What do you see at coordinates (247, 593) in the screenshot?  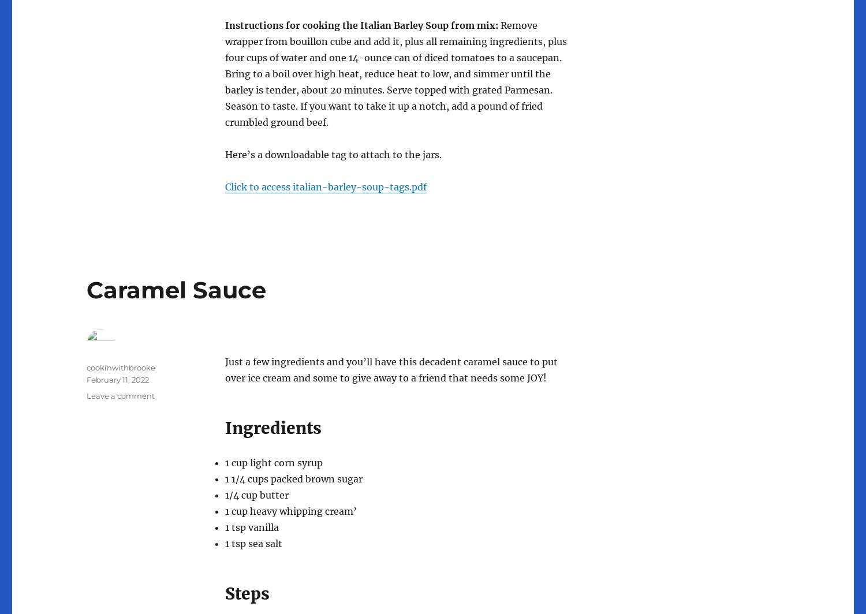 I see `'Steps'` at bounding box center [247, 593].